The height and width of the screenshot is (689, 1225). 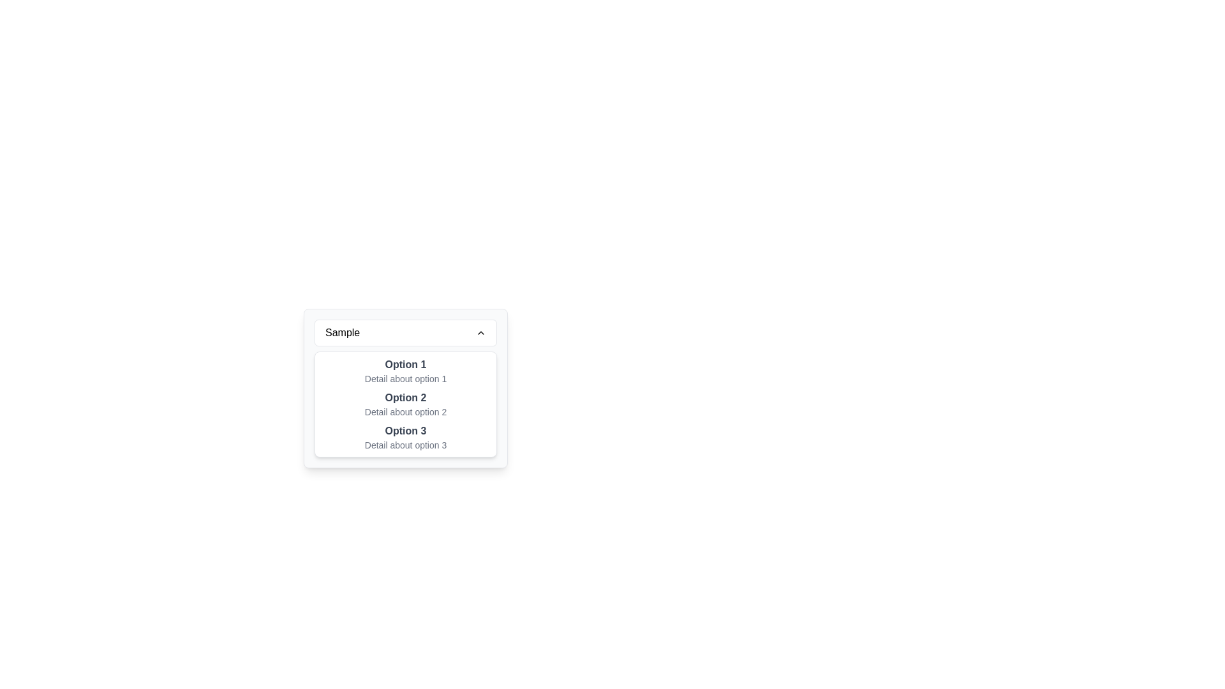 I want to click on the label providing additional descriptive information for option 2, located directly beneath the title 'Option 2', so click(x=405, y=411).